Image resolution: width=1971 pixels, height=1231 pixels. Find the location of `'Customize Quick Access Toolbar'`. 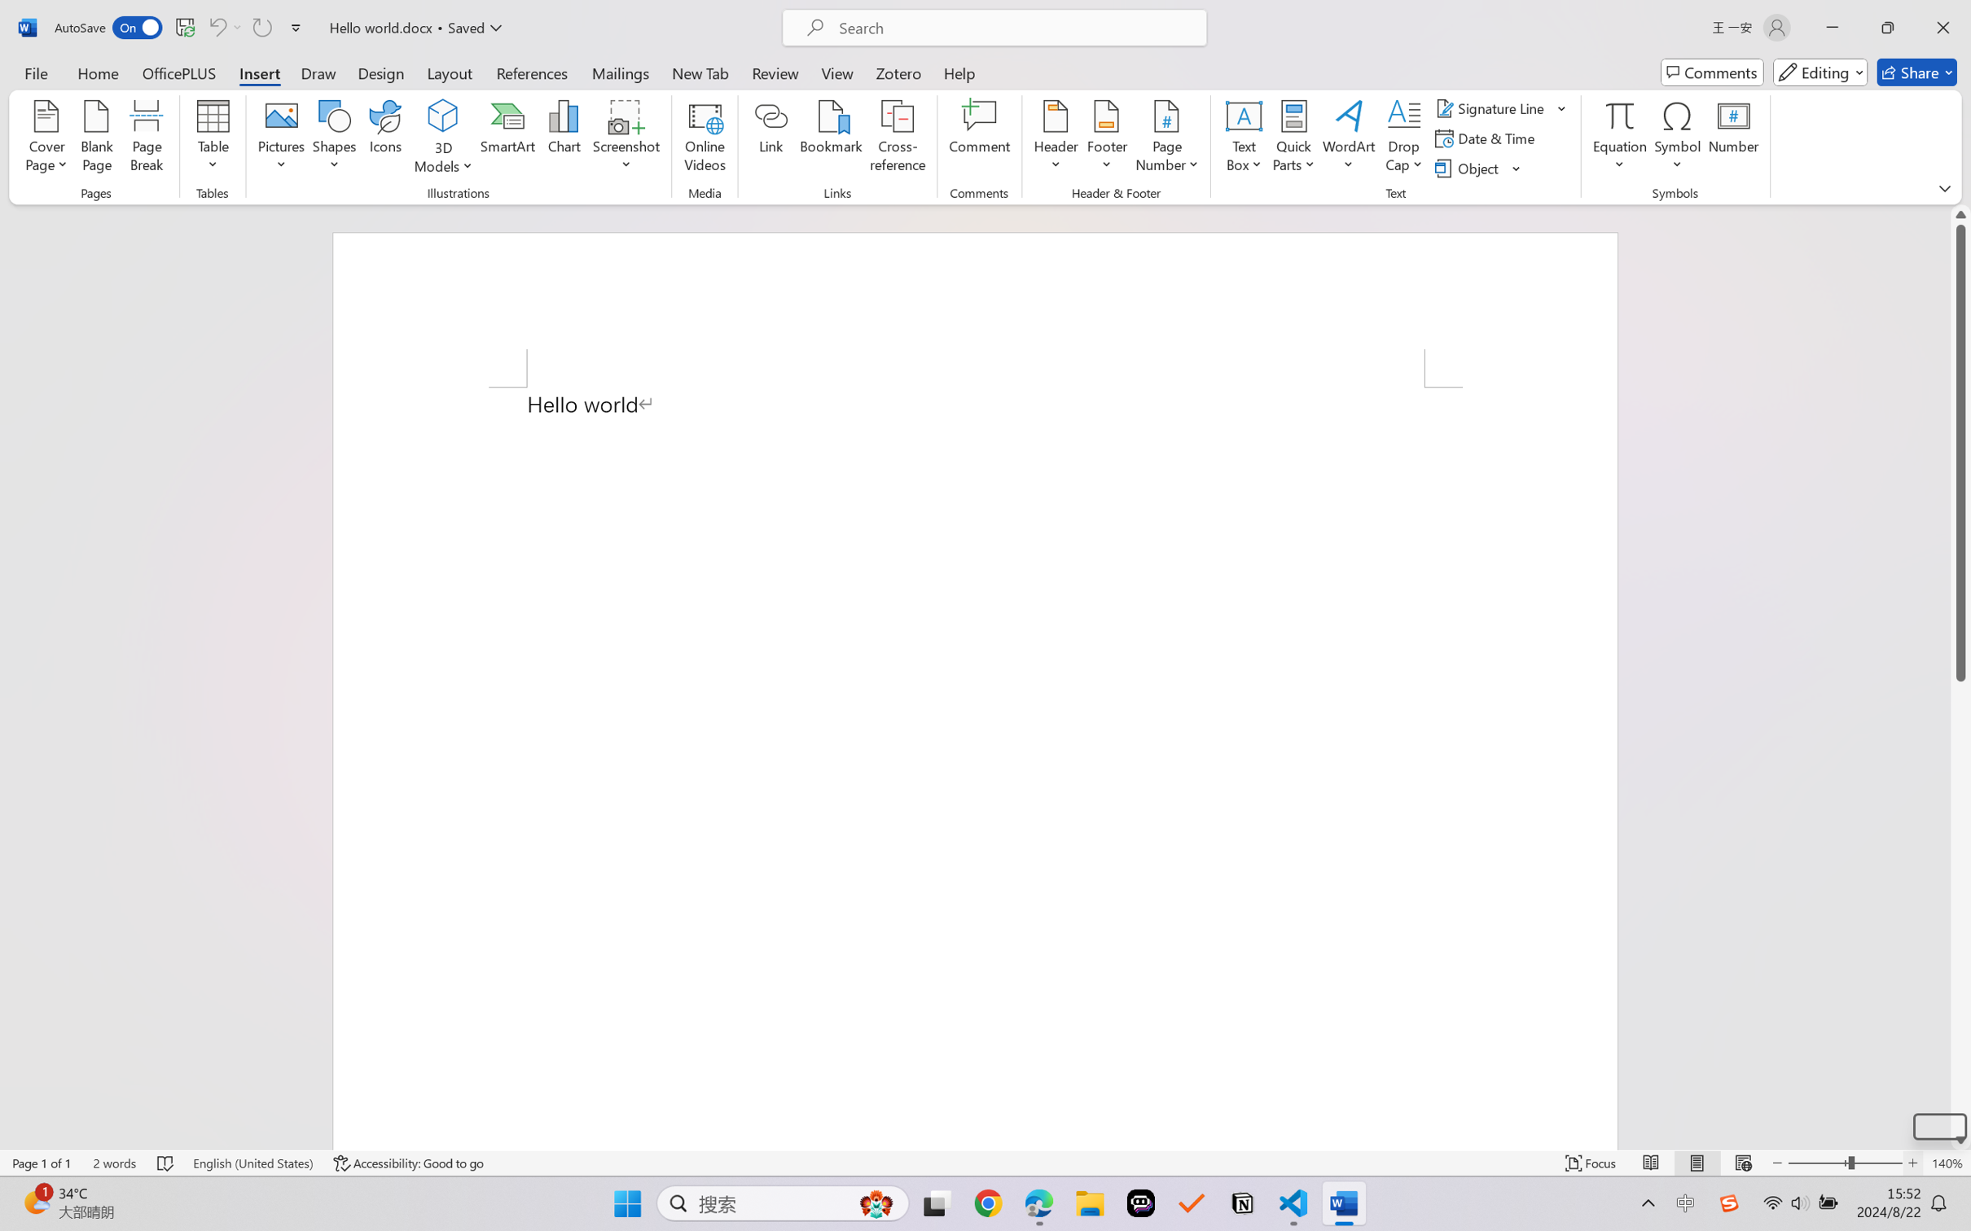

'Customize Quick Access Toolbar' is located at coordinates (296, 27).